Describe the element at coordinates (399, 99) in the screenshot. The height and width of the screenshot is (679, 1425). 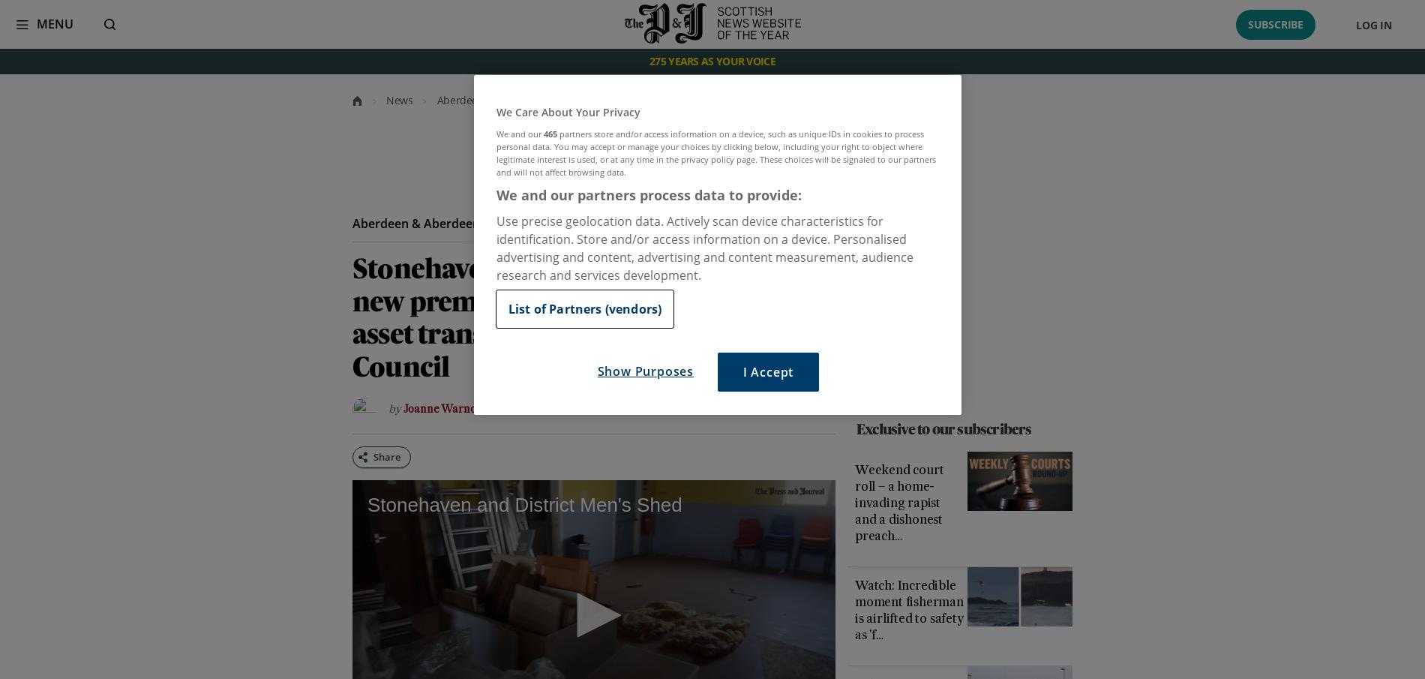
I see `'News'` at that location.